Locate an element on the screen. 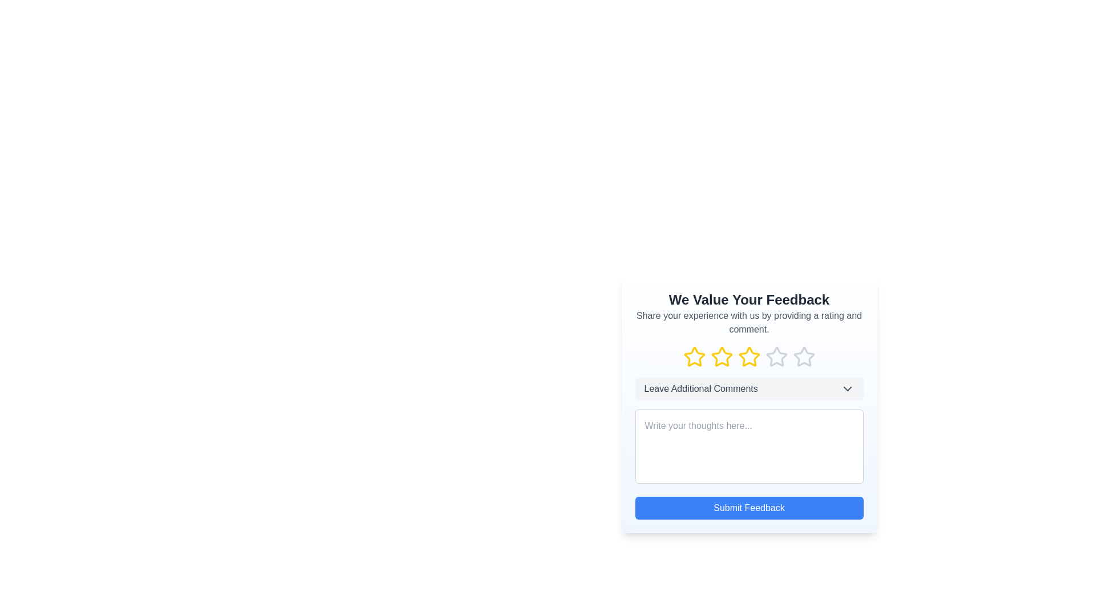  the fifth star button in the rating input interface to indicate a specific rating value is located at coordinates (803, 356).